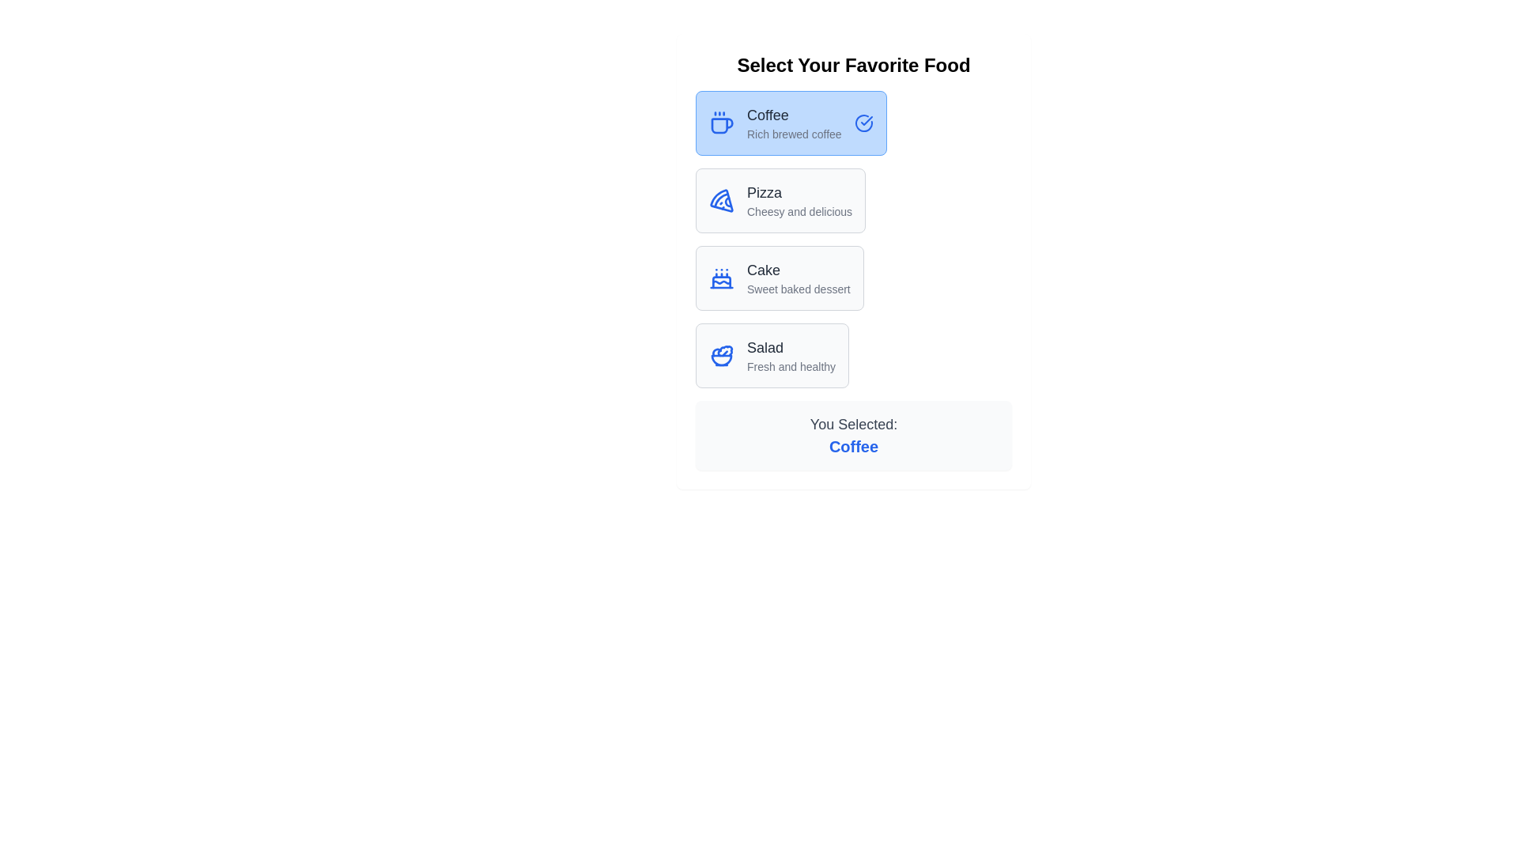  Describe the element at coordinates (794, 133) in the screenshot. I see `the text label displaying 'Rich brewed coffee', which is styled with a smaller font size and lighter gray color, positioned below the 'Coffee' label in the blue selection box` at that location.